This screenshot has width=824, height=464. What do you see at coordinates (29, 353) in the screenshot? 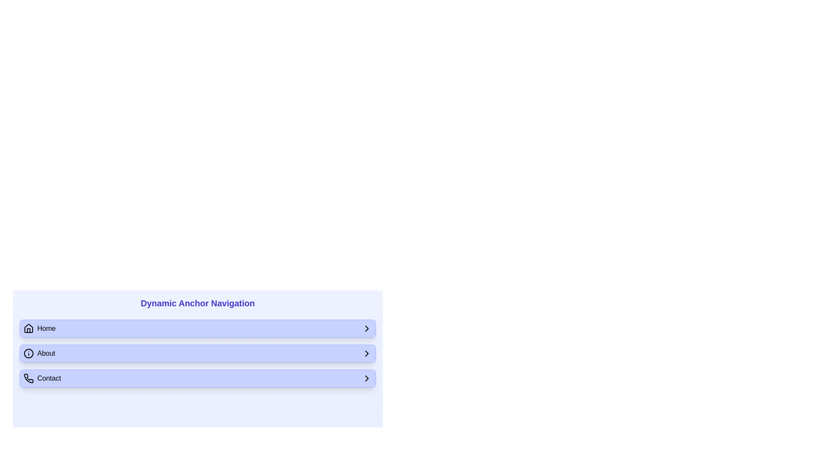
I see `the circular information icon with a thin black outline located in the second row of the navigation bar, positioned to the left of the text 'About'` at bounding box center [29, 353].